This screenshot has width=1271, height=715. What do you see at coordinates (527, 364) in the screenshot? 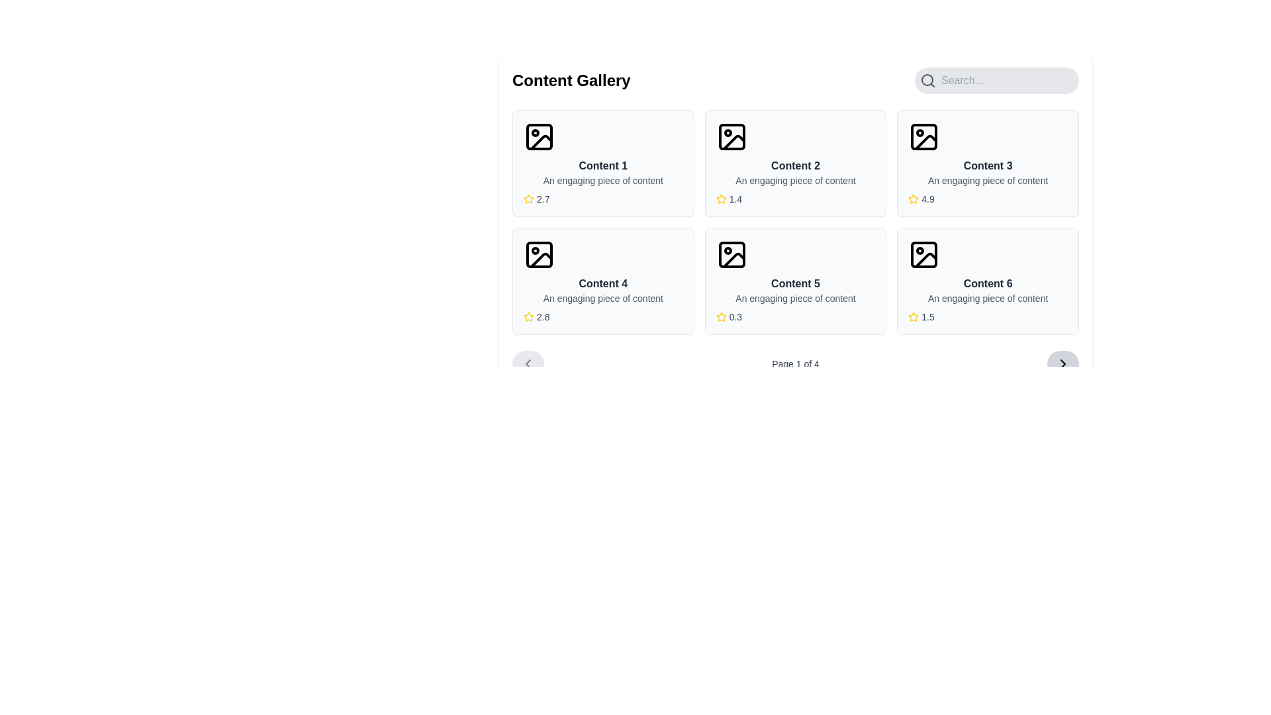
I see `the disabled navigation button icon located at the bottom-left corner of the content gallery section, which features a gray circular background` at bounding box center [527, 364].